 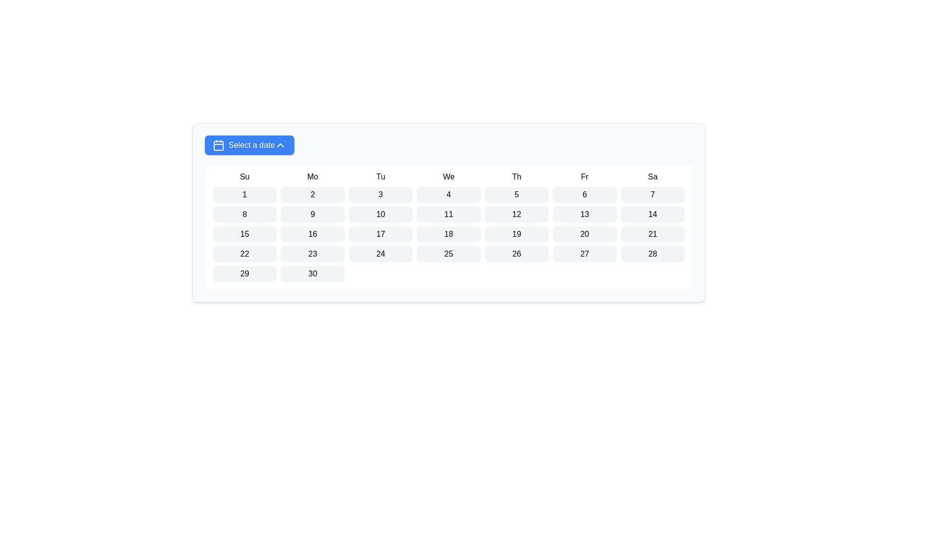 What do you see at coordinates (448, 194) in the screenshot?
I see `the button displaying the number '4' in a light gray box with rounded corners` at bounding box center [448, 194].